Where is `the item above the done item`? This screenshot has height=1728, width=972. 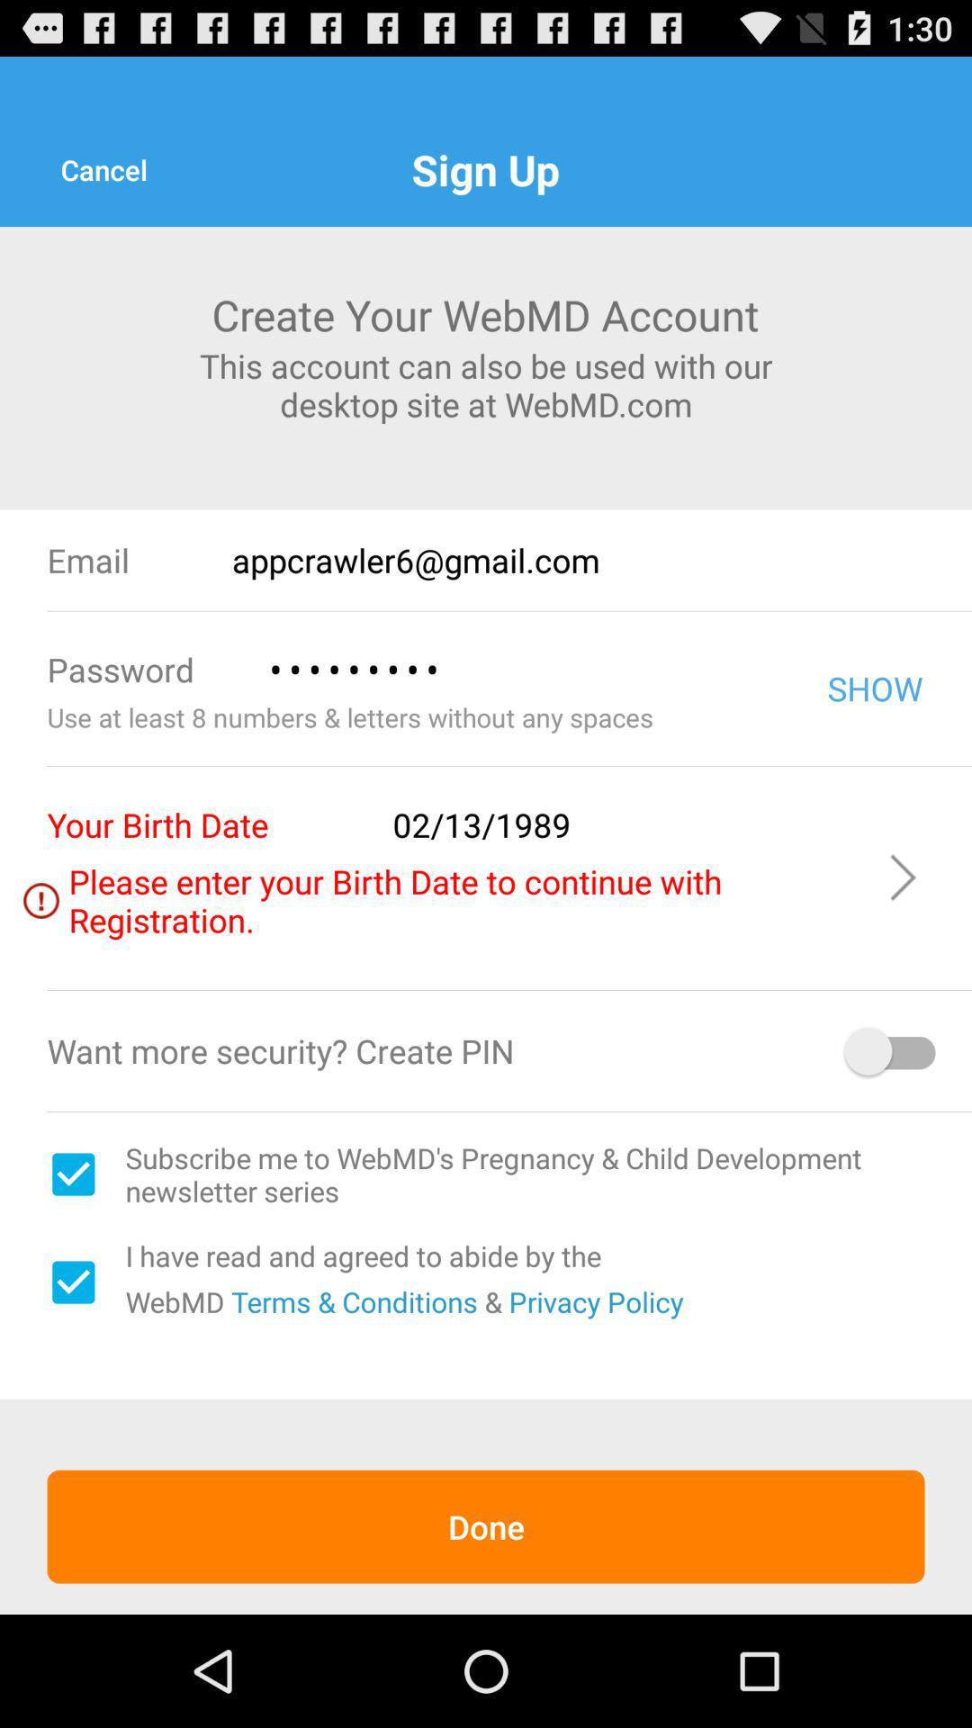 the item above the done item is located at coordinates (72, 1282).